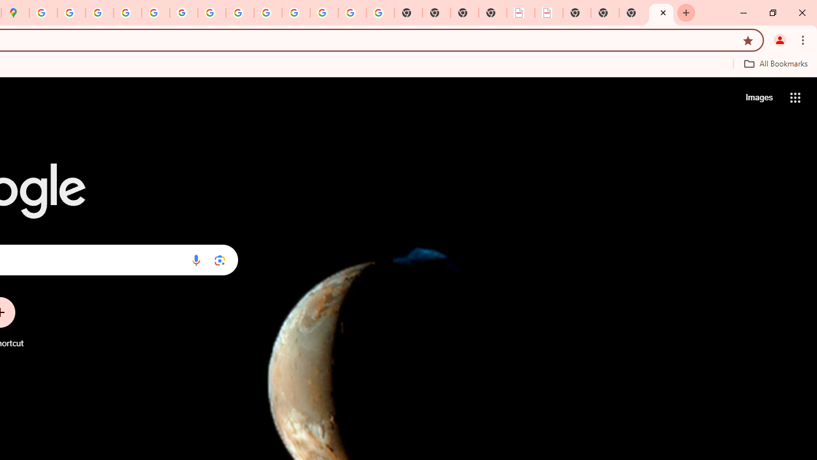  I want to click on 'Privacy Help Center - Policies Help', so click(127, 13).